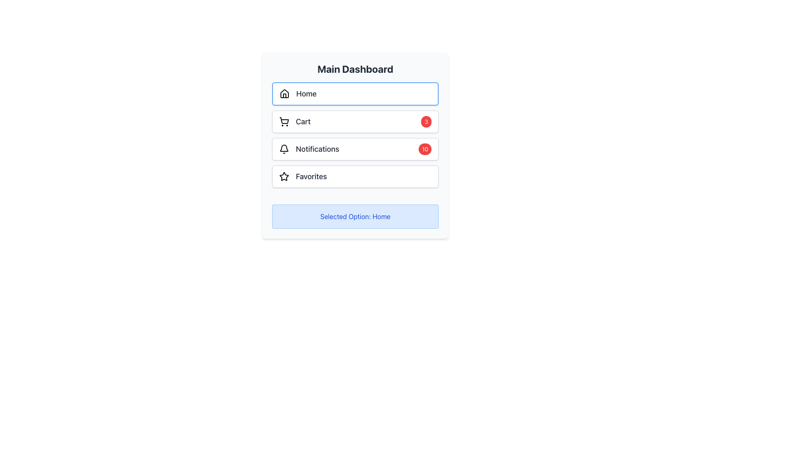 The width and height of the screenshot is (799, 449). I want to click on the inner vertical rectangle of the house-shaped icon that represents the 'Home' option in the user interface, so click(285, 95).